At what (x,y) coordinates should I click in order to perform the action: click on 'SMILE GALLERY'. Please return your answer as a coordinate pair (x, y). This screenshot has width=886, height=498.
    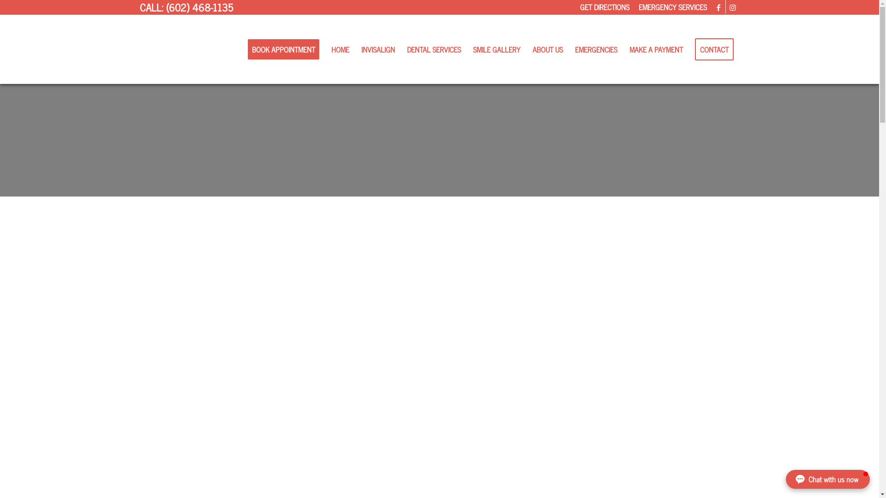
    Looking at the image, I should click on (496, 49).